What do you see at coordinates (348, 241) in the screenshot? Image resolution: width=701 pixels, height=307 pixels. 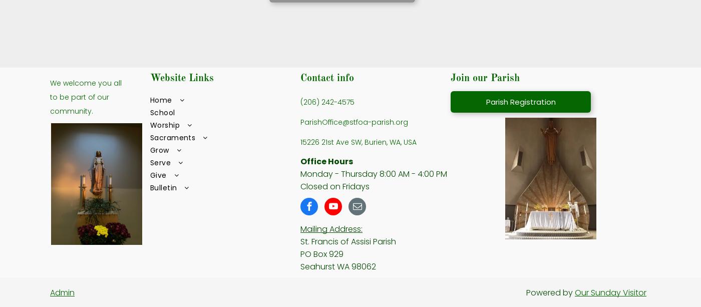 I see `'St. Francis of Assisi Parish'` at bounding box center [348, 241].